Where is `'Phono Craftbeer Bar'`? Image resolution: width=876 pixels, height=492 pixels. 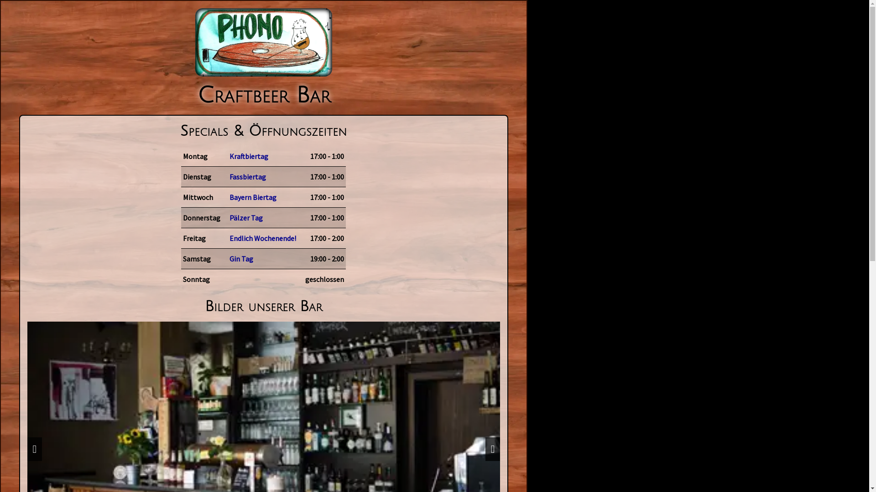 'Phono Craftbeer Bar' is located at coordinates (263, 42).